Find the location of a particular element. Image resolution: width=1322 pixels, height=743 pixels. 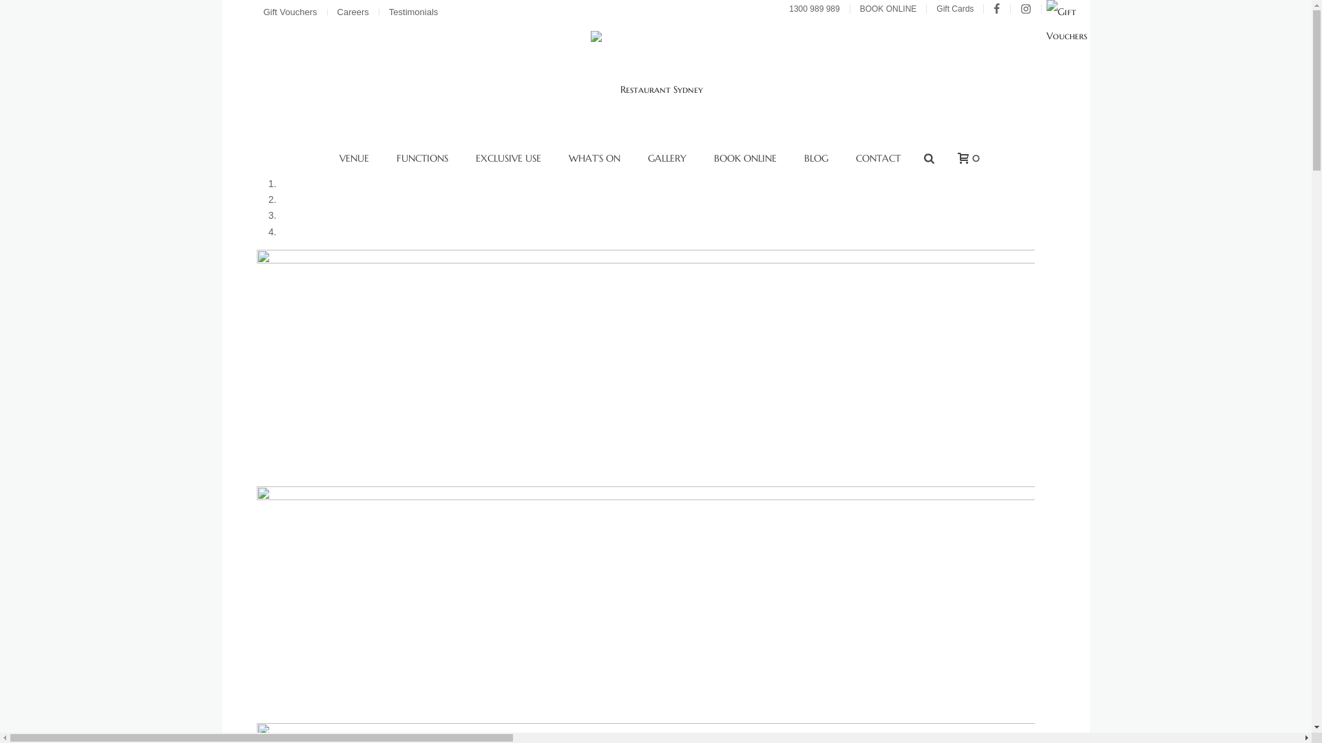

'adrbfast23header' is located at coordinates (644, 604).